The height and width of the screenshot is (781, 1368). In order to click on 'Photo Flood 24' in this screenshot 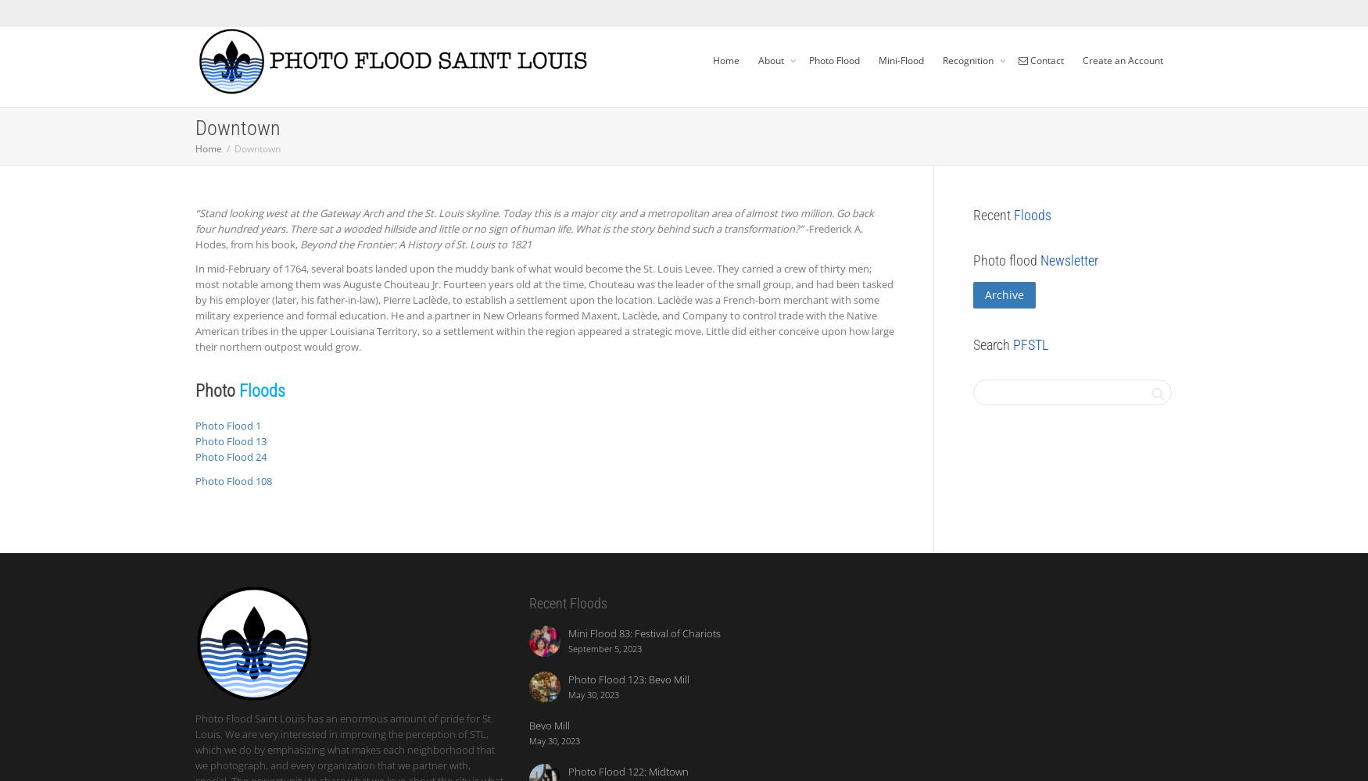, I will do `click(230, 456)`.